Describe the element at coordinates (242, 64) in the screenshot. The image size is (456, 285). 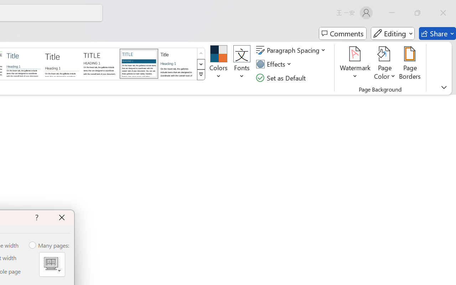
I see `'Fonts'` at that location.